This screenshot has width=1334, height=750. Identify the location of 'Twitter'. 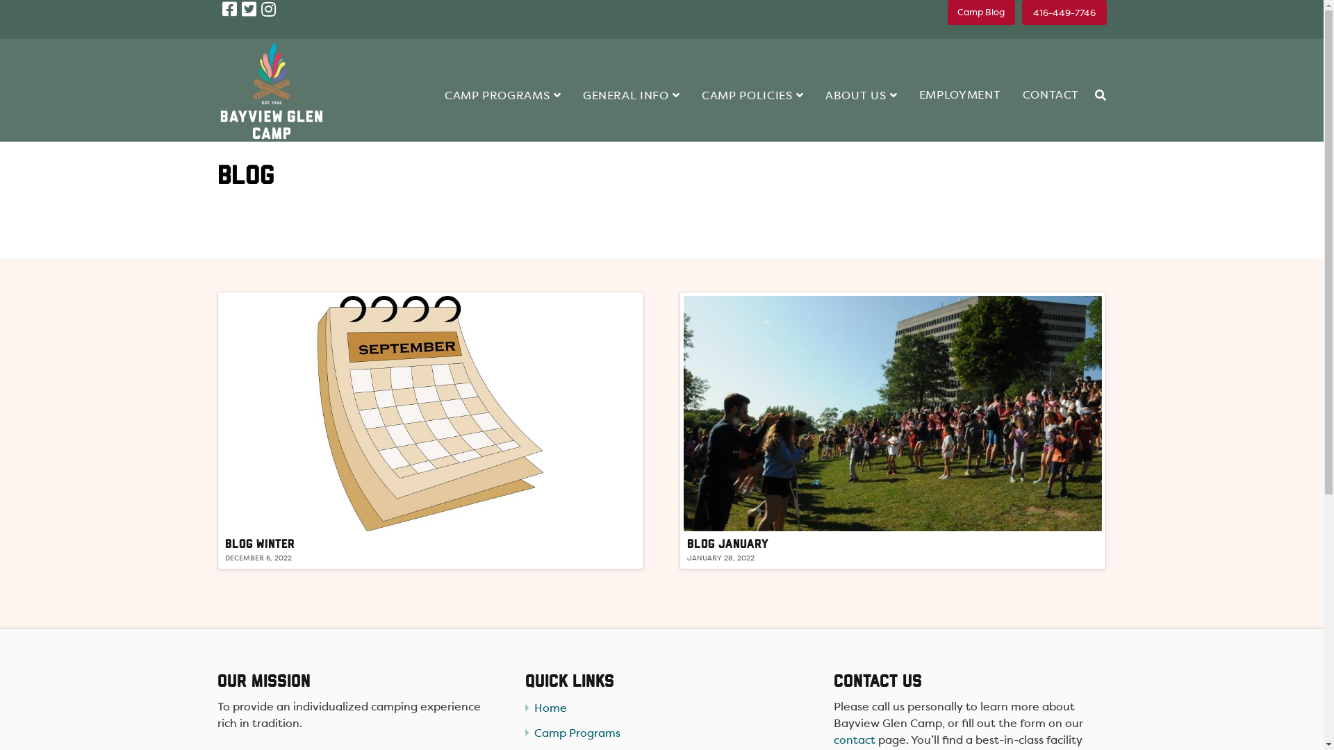
(249, 8).